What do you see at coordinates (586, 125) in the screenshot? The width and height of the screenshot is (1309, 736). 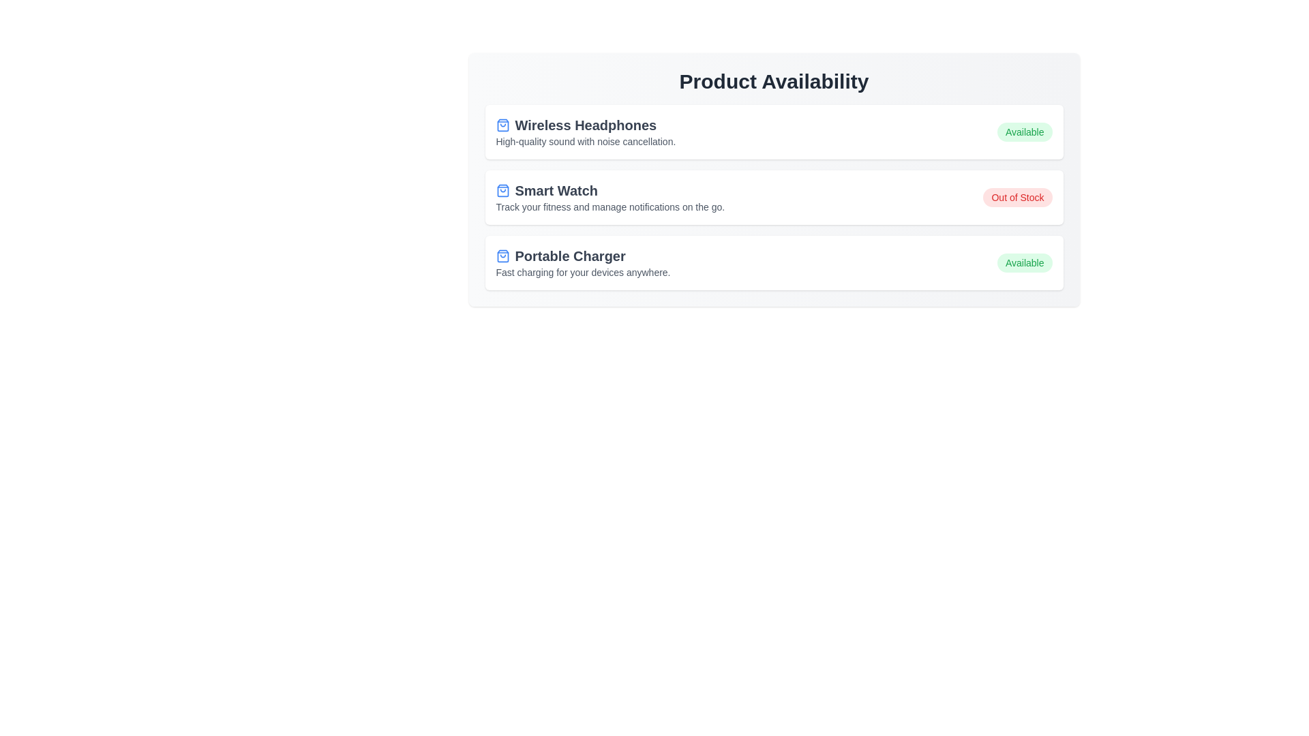 I see `the product name to interact with its details. The parameter Wireless Headphones specifies the product to interact with` at bounding box center [586, 125].